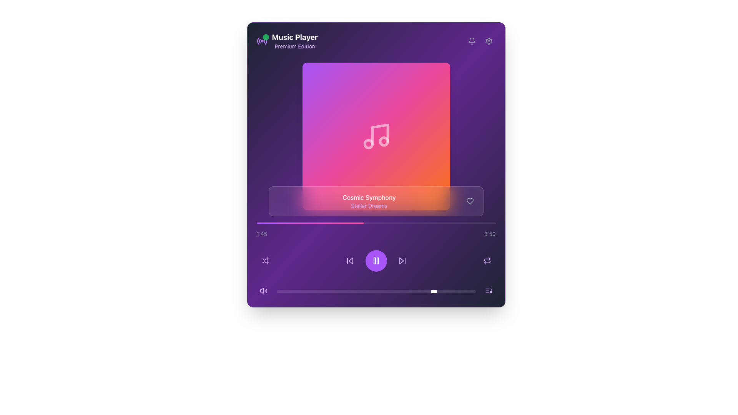  Describe the element at coordinates (266, 290) in the screenshot. I see `the third segment of the soundwave icon located towards the bottom-left corner of the interface, which is part of an audio-related feature` at that location.